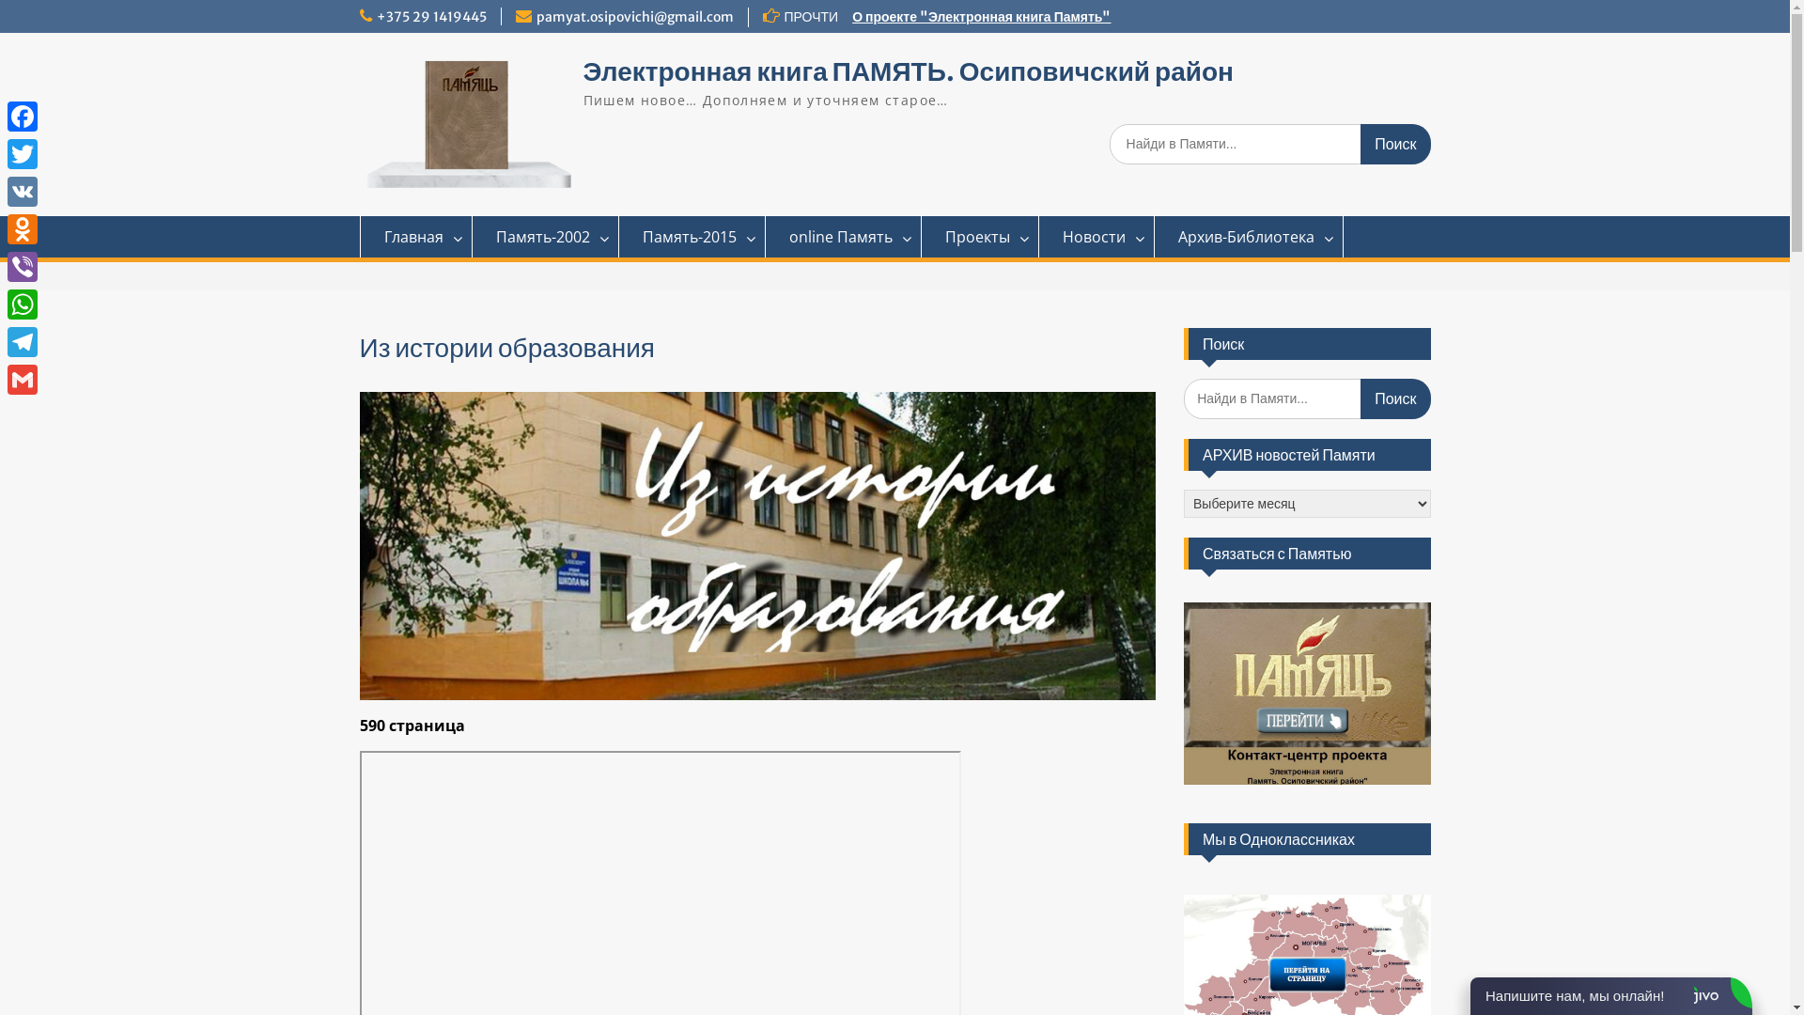 The height and width of the screenshot is (1015, 1804). I want to click on '+375 29 1419445', so click(429, 17).